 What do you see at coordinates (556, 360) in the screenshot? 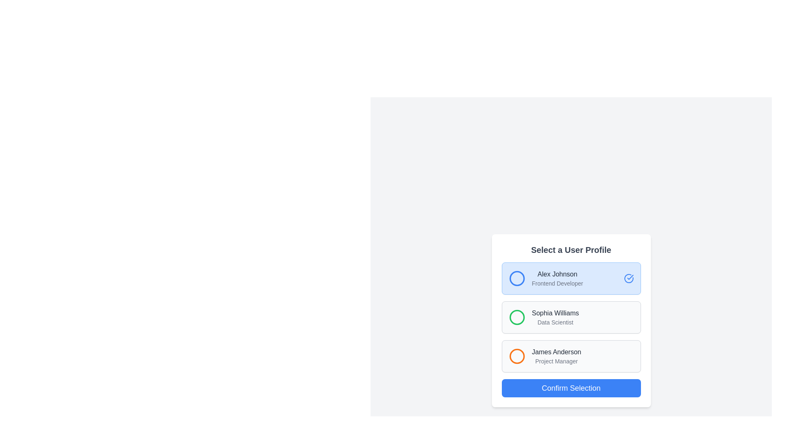
I see `text from the 'Project Manager' label located under 'James Anderson' in the third profile card of the user profile modal` at bounding box center [556, 360].